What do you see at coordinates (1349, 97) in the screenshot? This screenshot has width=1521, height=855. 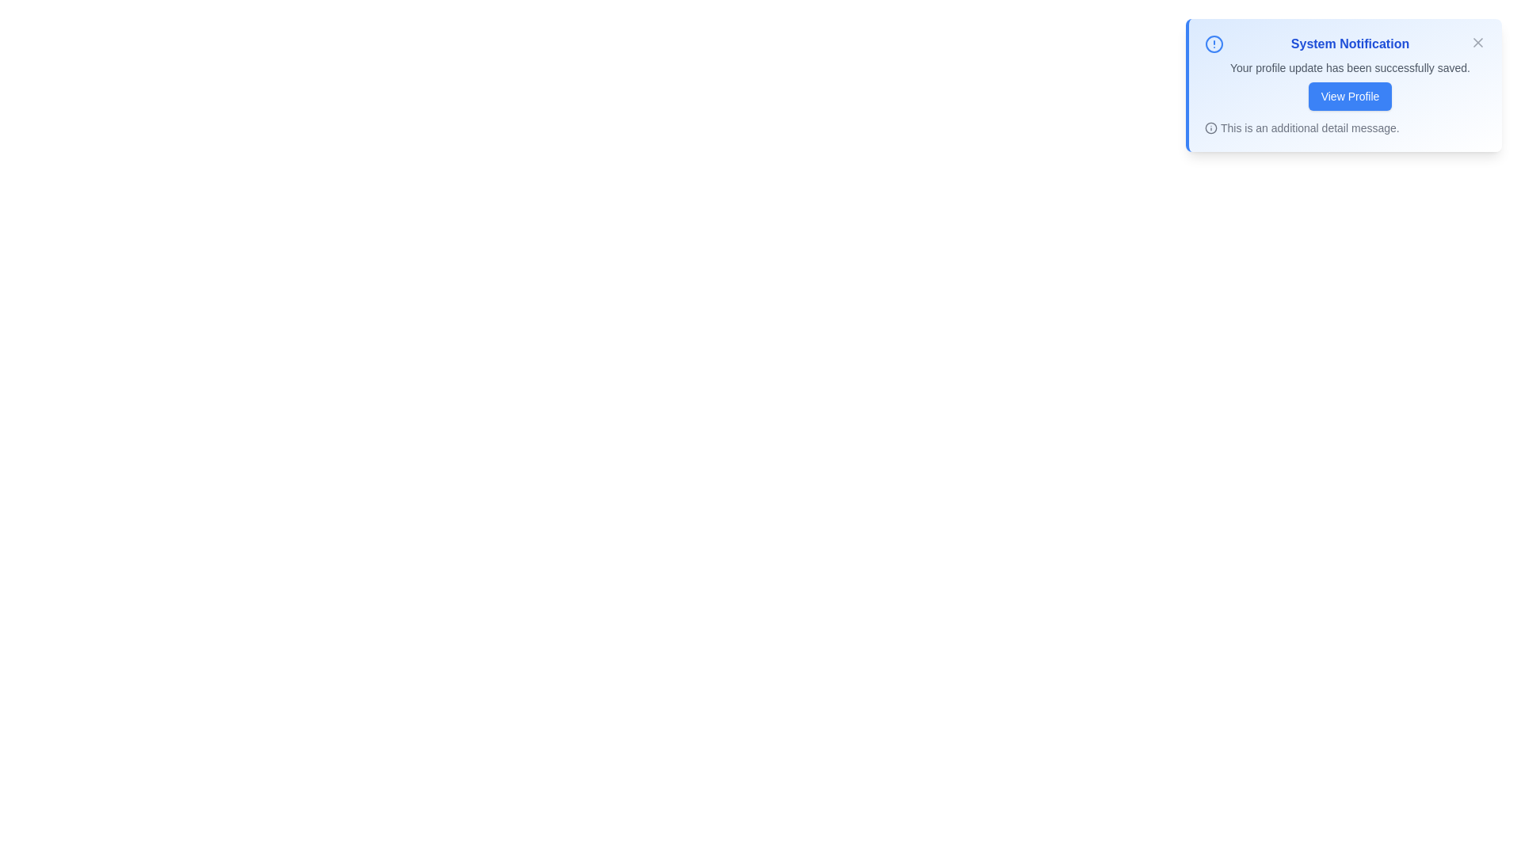 I see `the 'View Profile' button to view the profile` at bounding box center [1349, 97].